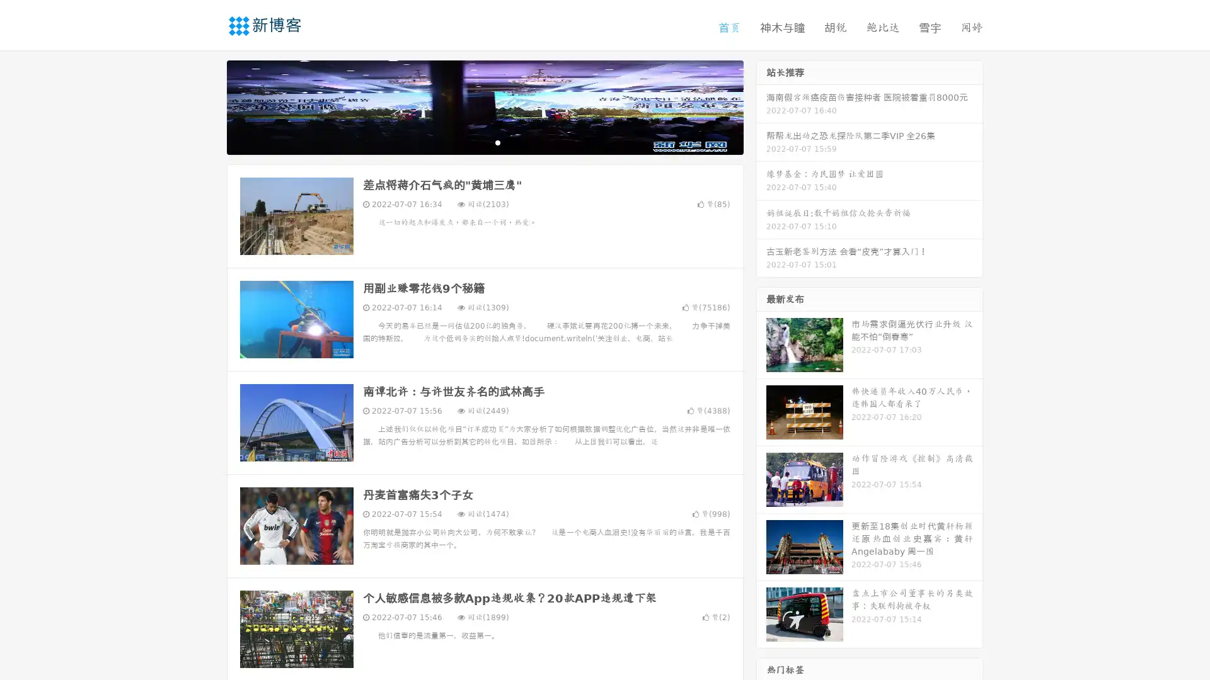 This screenshot has width=1210, height=680. Describe the element at coordinates (208, 106) in the screenshot. I see `Previous slide` at that location.